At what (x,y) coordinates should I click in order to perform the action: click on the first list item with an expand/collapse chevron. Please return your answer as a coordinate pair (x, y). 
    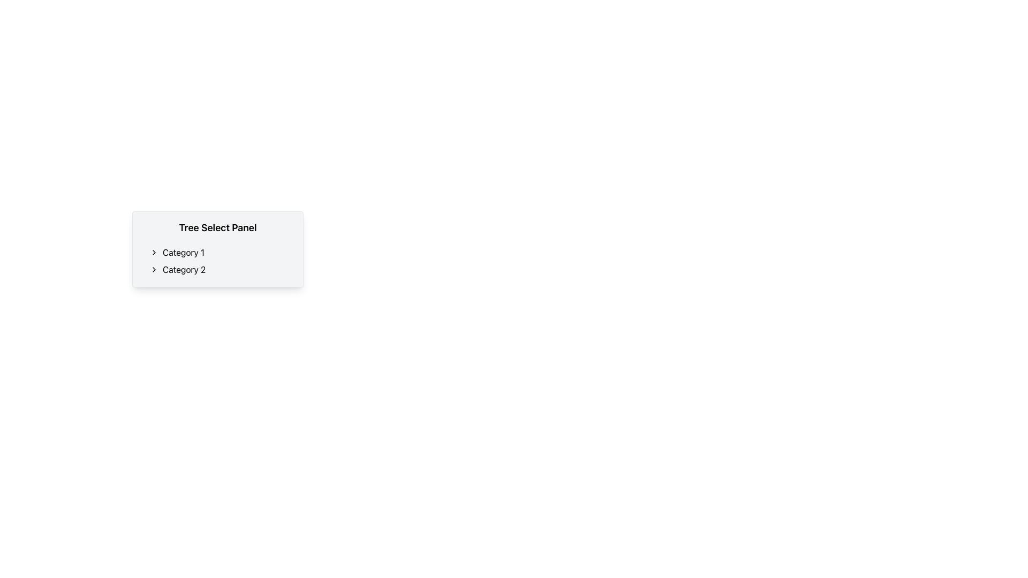
    Looking at the image, I should click on (221, 252).